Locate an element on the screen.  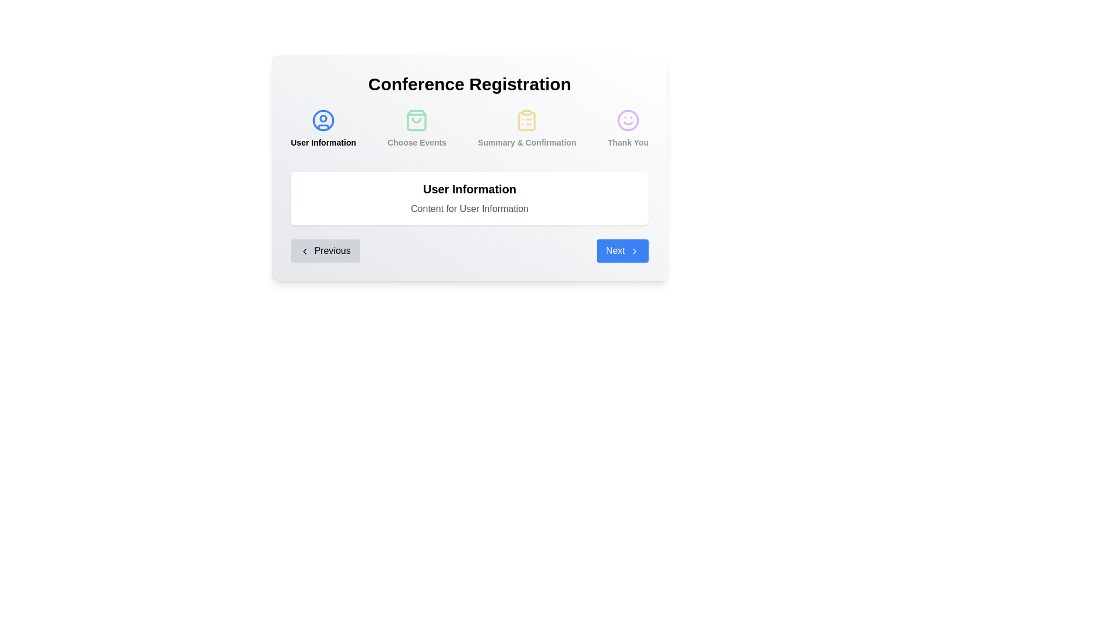
the Text Label at the top center of the interface that indicates the purpose or title of the current section is located at coordinates (470, 84).